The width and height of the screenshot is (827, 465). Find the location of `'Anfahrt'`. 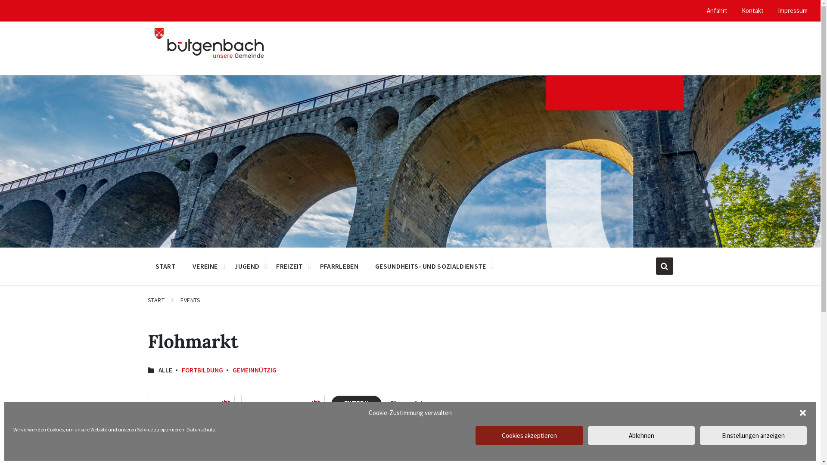

'Anfahrt' is located at coordinates (717, 10).